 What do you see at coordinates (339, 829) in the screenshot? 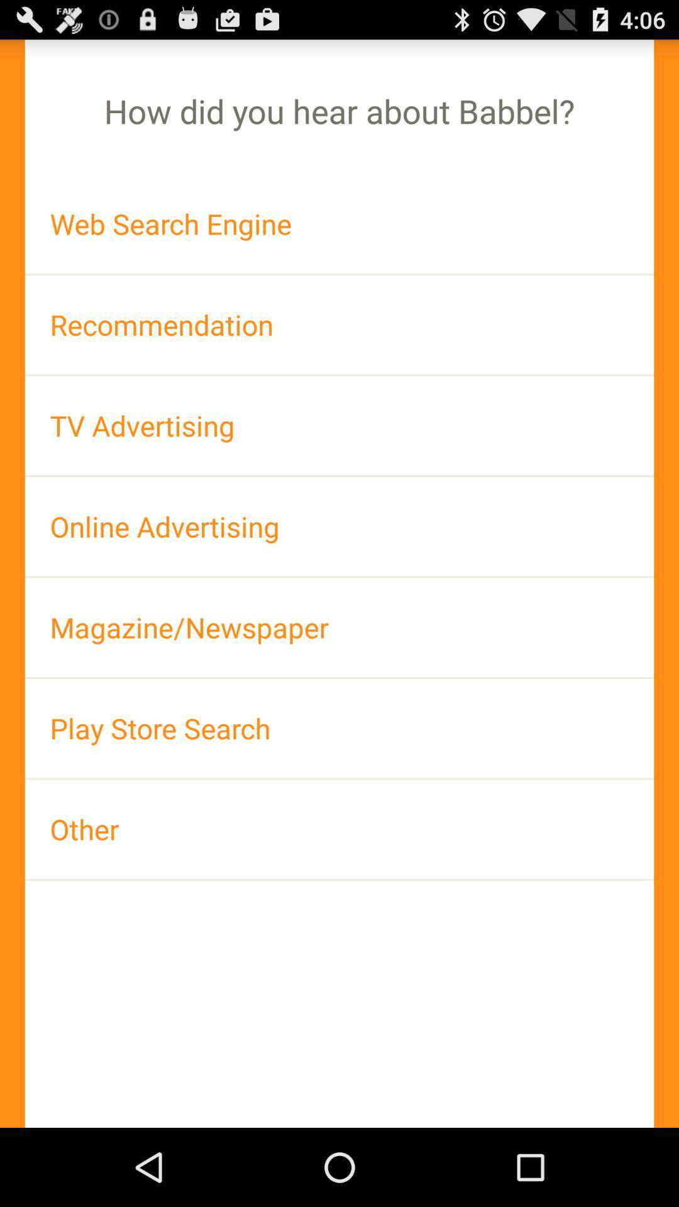
I see `the app at the bottom` at bounding box center [339, 829].